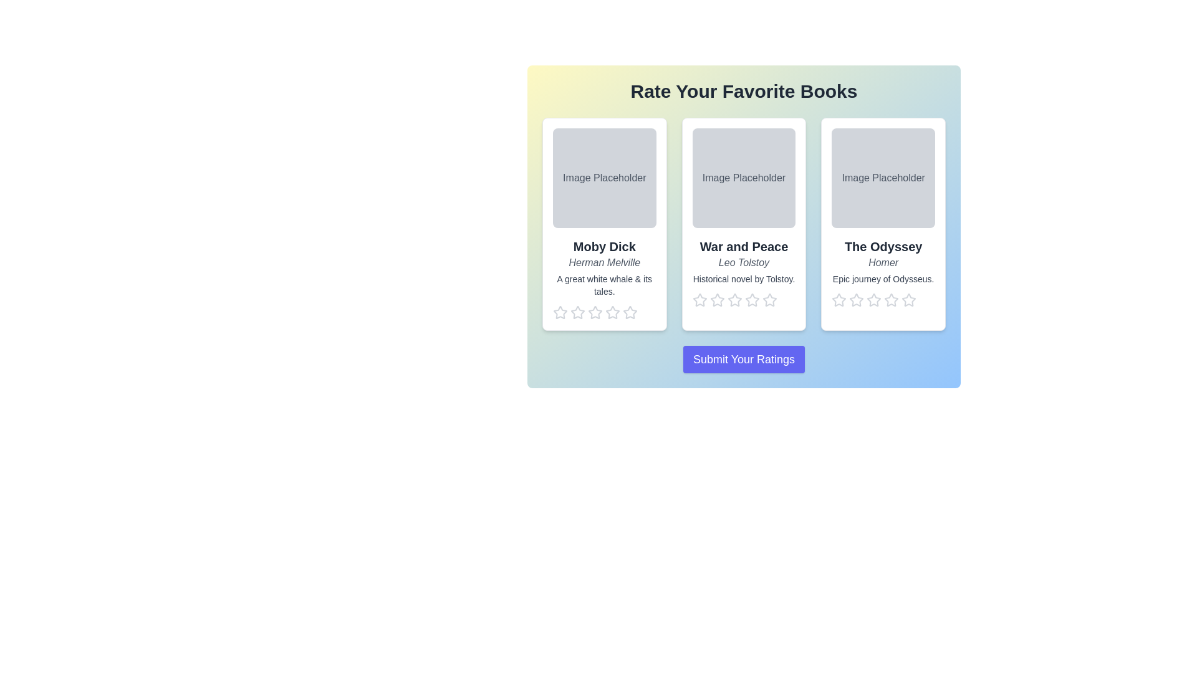 This screenshot has height=673, width=1197. What do you see at coordinates (855, 300) in the screenshot?
I see `the star corresponding to the rating 2 for the book The Odyssey` at bounding box center [855, 300].